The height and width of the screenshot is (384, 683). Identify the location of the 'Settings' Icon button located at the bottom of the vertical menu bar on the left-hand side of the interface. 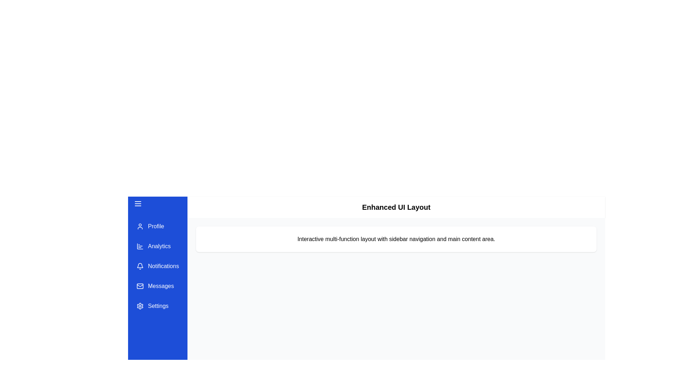
(140, 305).